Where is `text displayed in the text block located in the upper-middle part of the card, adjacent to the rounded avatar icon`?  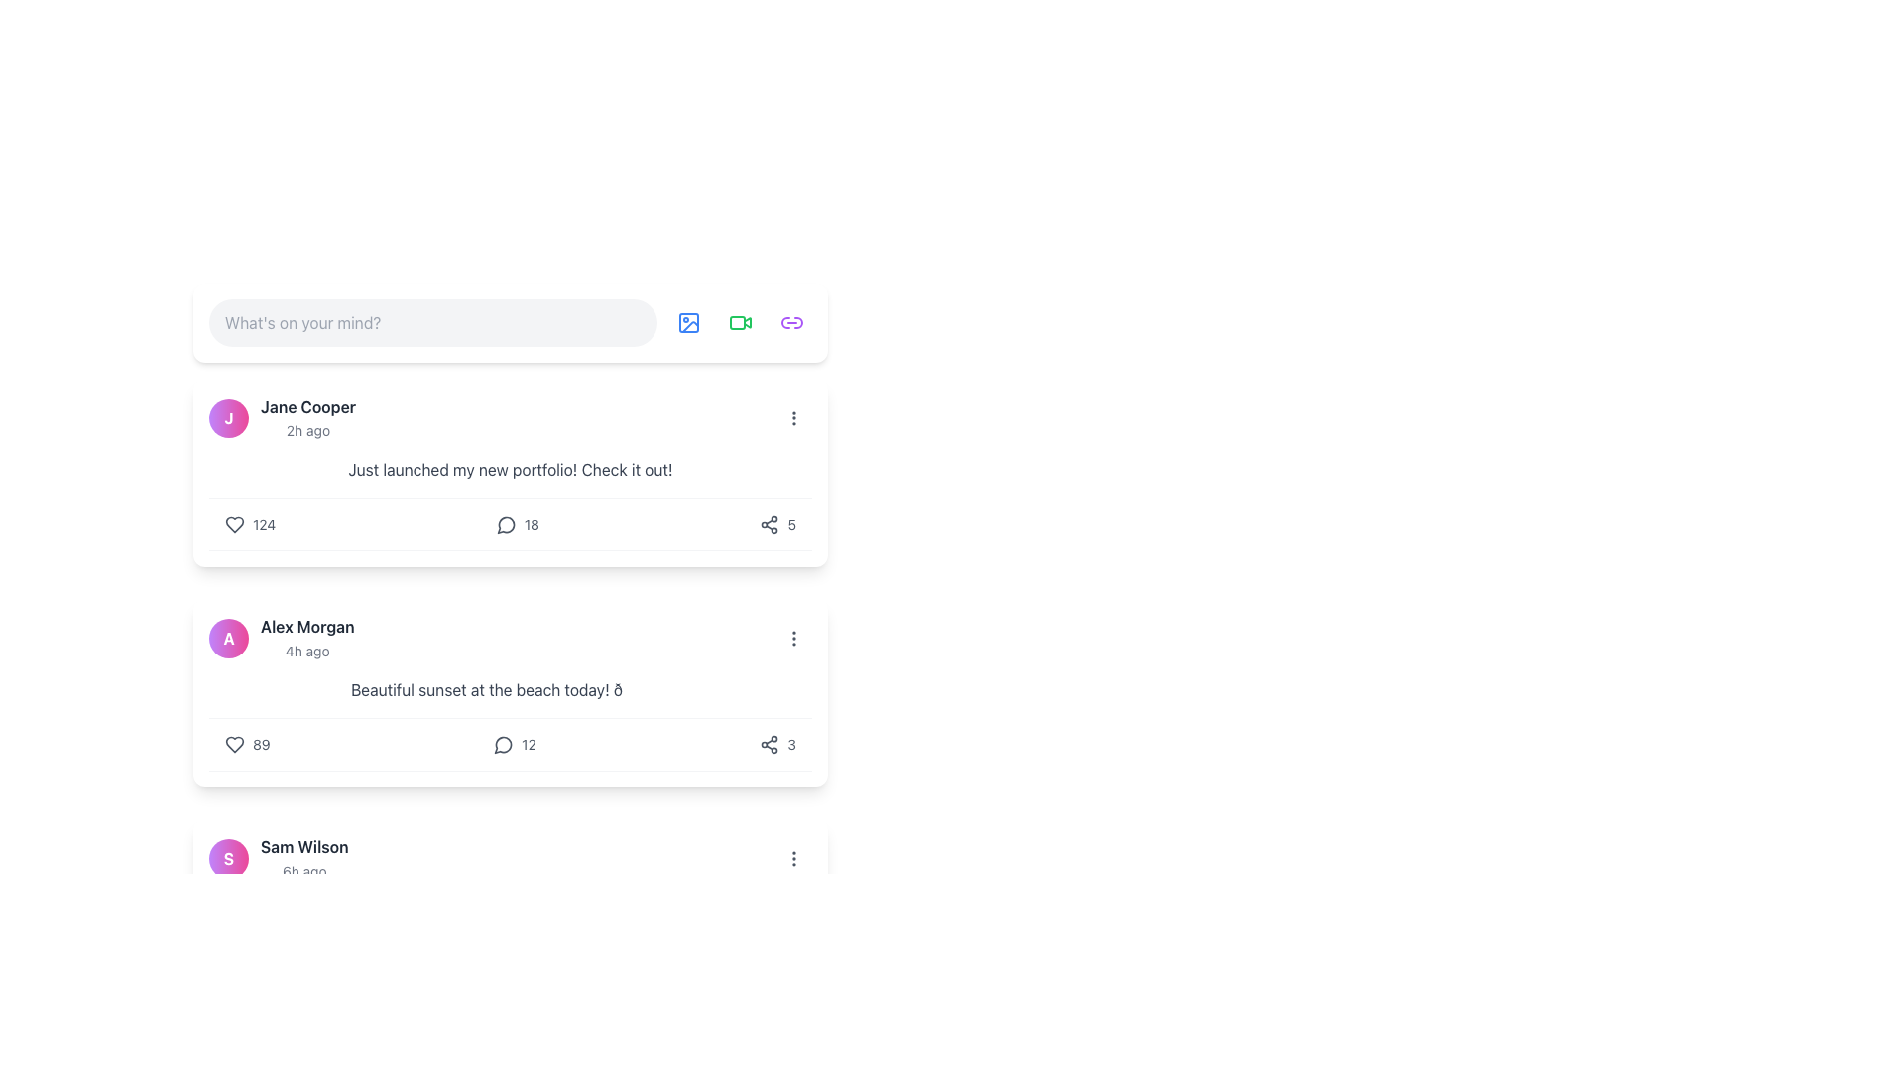 text displayed in the text block located in the upper-middle part of the card, adjacent to the rounded avatar icon is located at coordinates (306, 639).